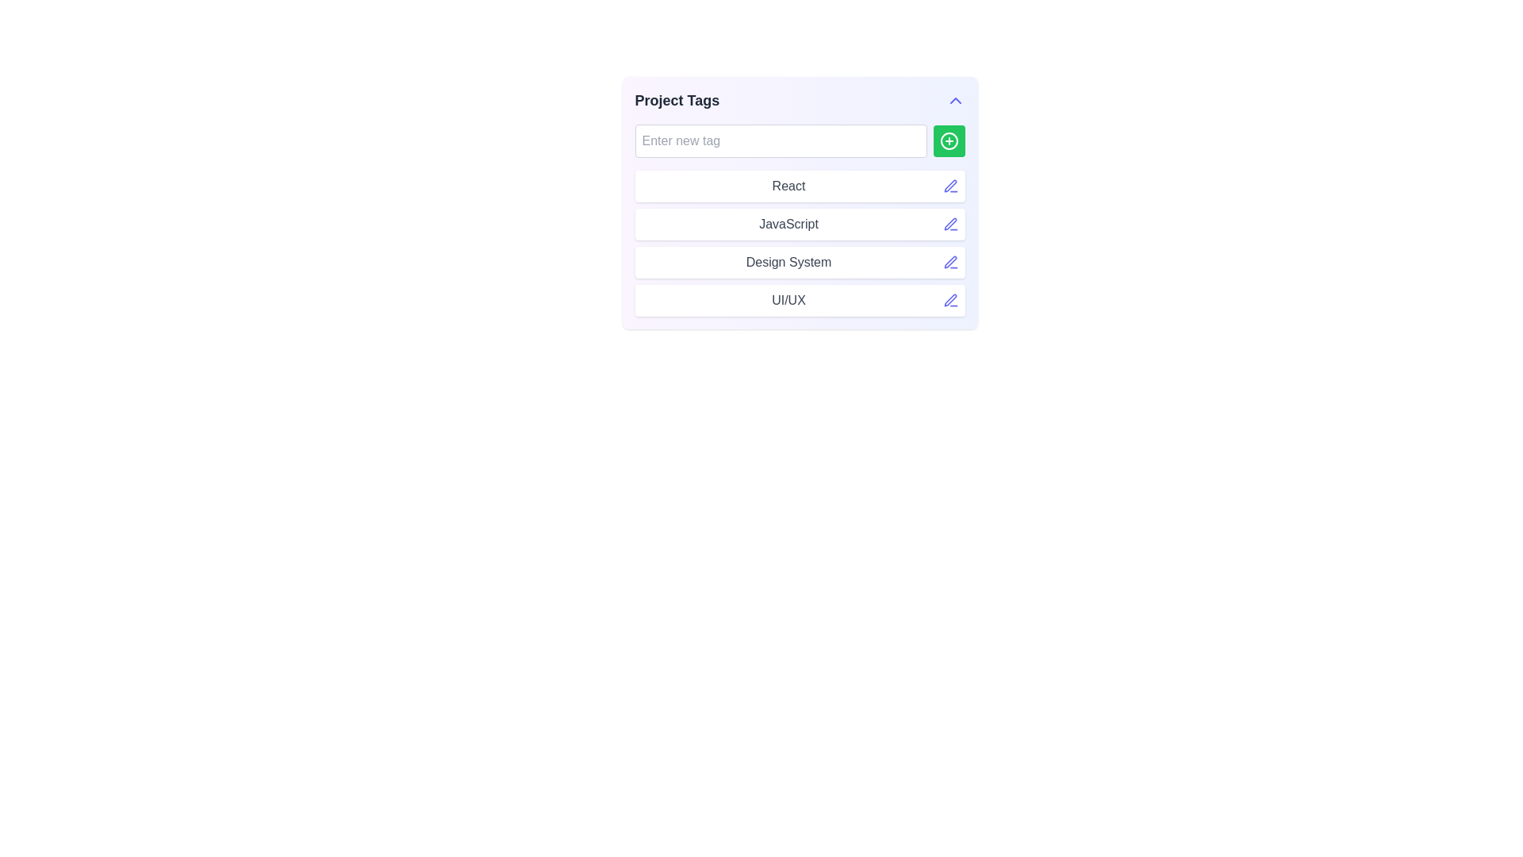 The width and height of the screenshot is (1523, 857). Describe the element at coordinates (950, 185) in the screenshot. I see `the edit icon located in the row associated with the 'React' tag to initiate an editing action` at that location.